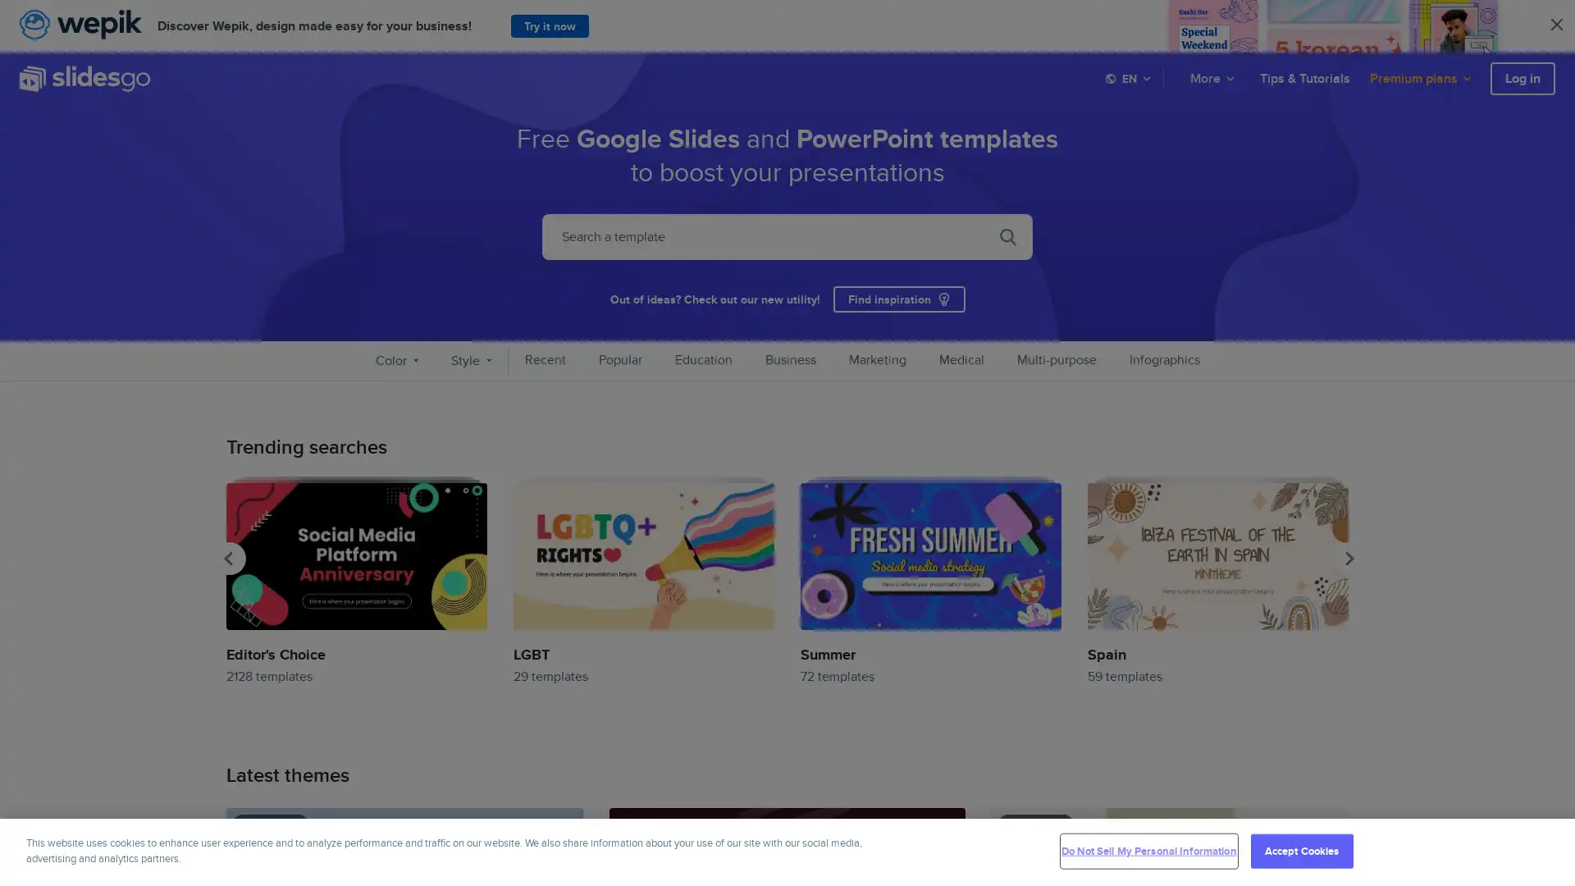 The image size is (1575, 886). Describe the element at coordinates (1213, 78) in the screenshot. I see `Open more tools` at that location.